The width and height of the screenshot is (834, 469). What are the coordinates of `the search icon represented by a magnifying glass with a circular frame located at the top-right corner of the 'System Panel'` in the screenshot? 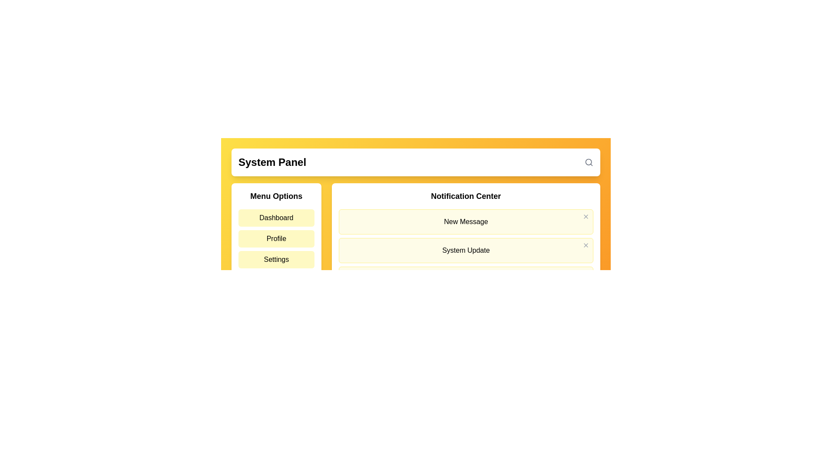 It's located at (589, 162).